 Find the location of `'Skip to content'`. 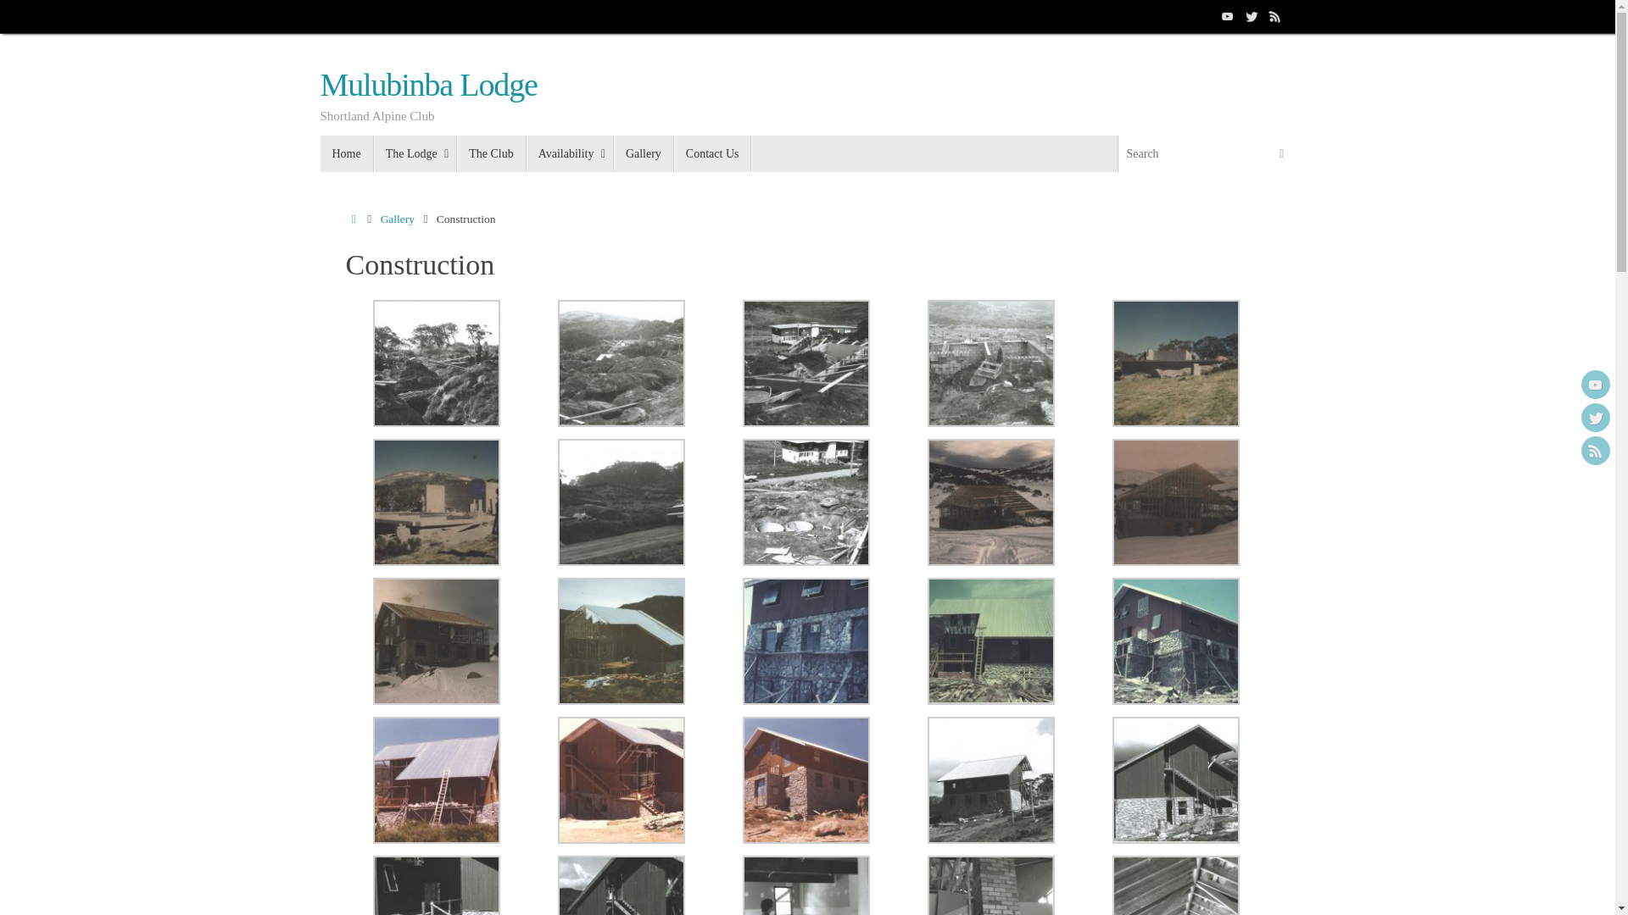

'Skip to content' is located at coordinates (319, 161).